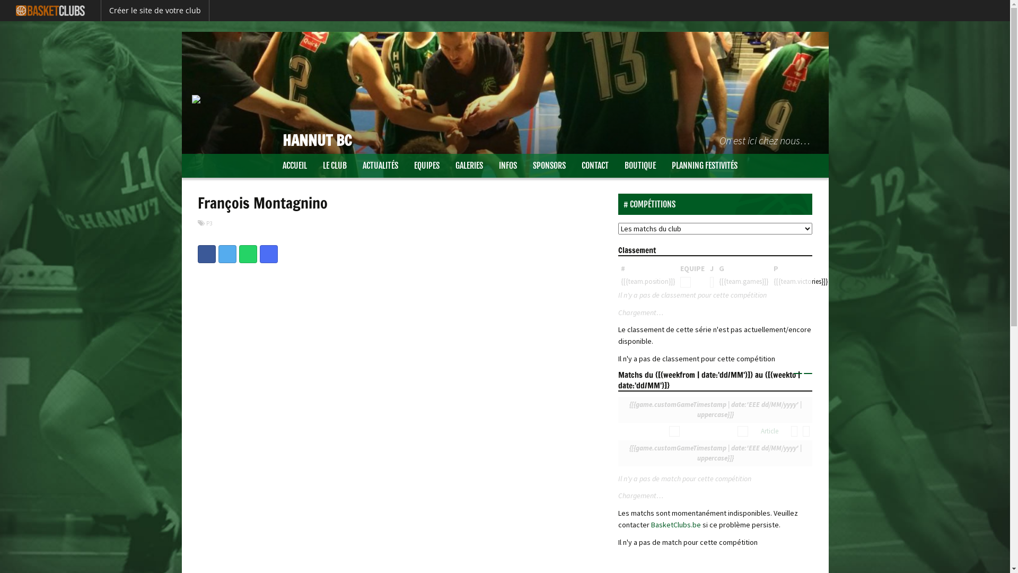  Describe the element at coordinates (197, 254) in the screenshot. I see `'Partager sur Facebook'` at that location.